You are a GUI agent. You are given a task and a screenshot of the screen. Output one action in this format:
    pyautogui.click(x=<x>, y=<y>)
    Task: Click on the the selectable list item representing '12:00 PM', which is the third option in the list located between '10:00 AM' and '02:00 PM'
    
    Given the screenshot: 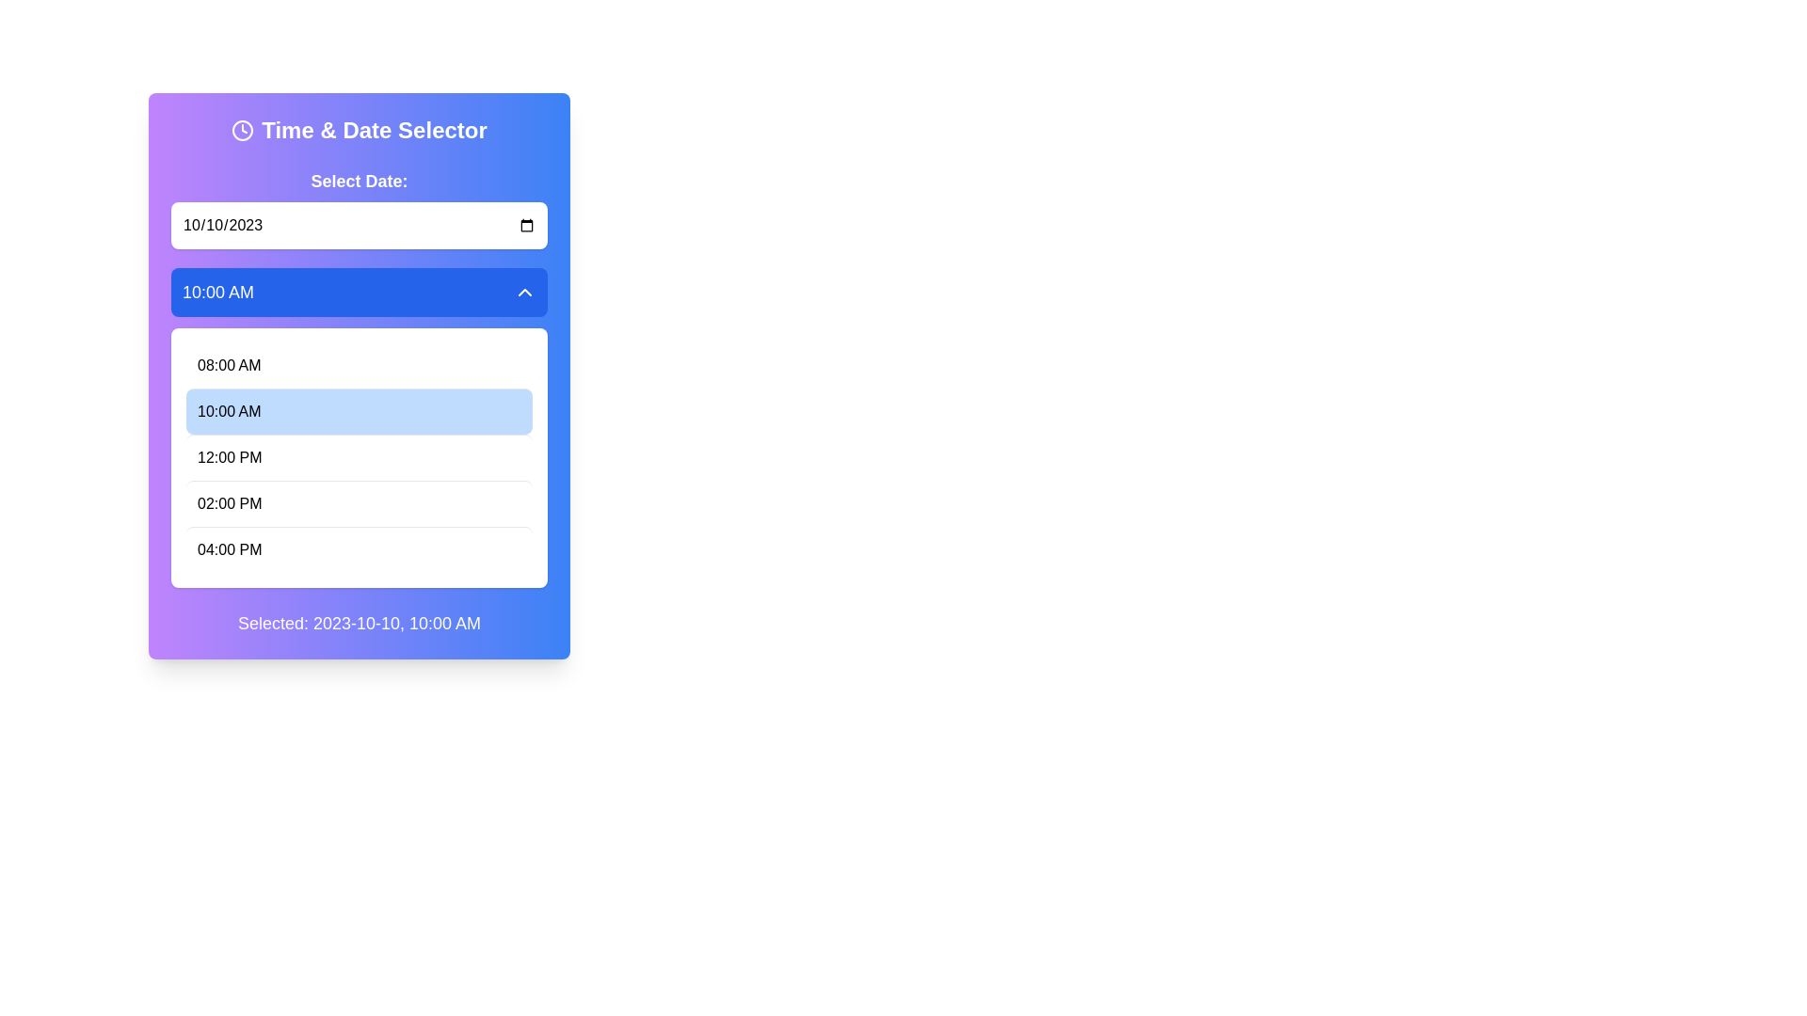 What is the action you would take?
    pyautogui.click(x=360, y=457)
    